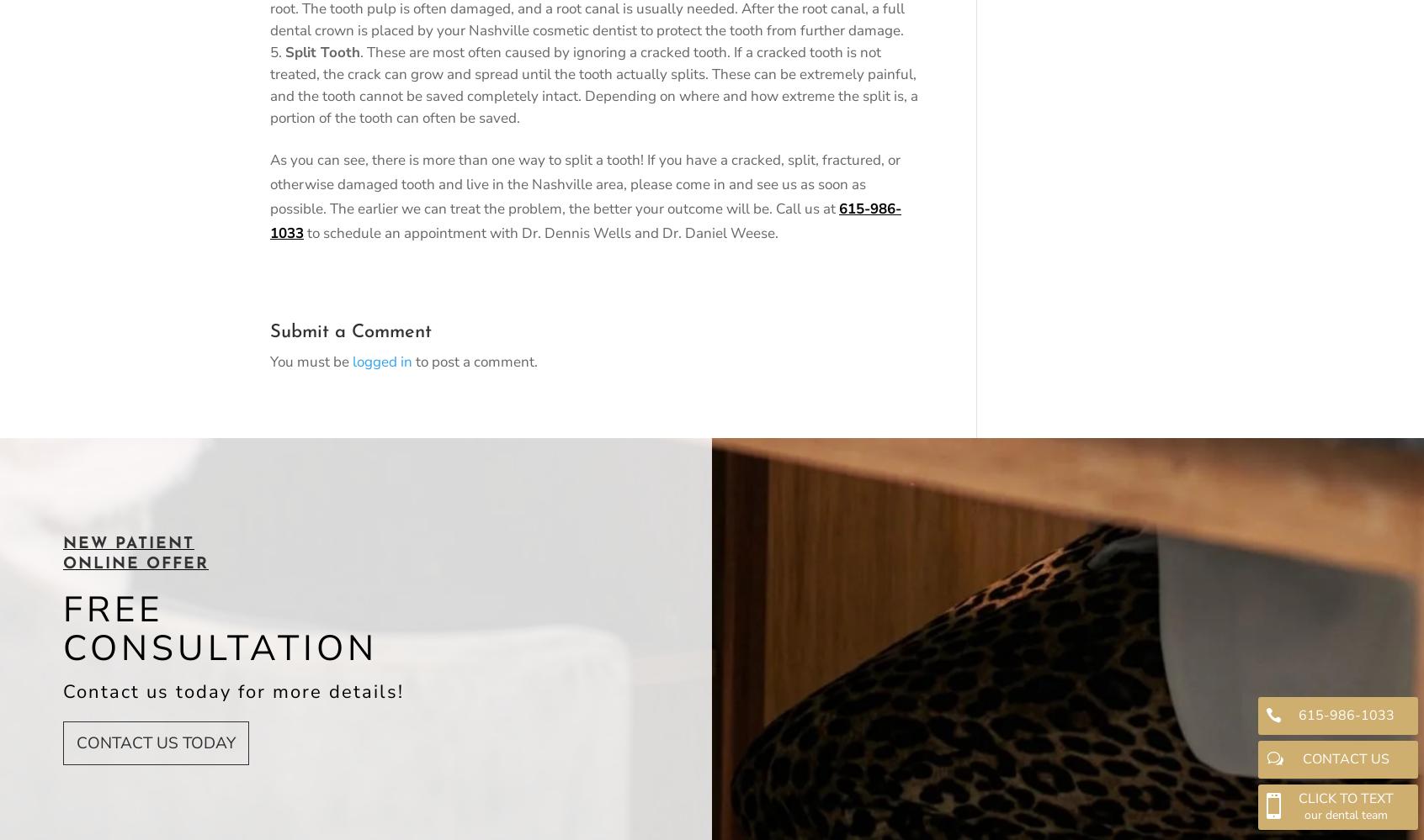  What do you see at coordinates (304, 232) in the screenshot?
I see `'to schedule an appointment with Dr. Dennis Wells and Dr. Daniel Weese.'` at bounding box center [304, 232].